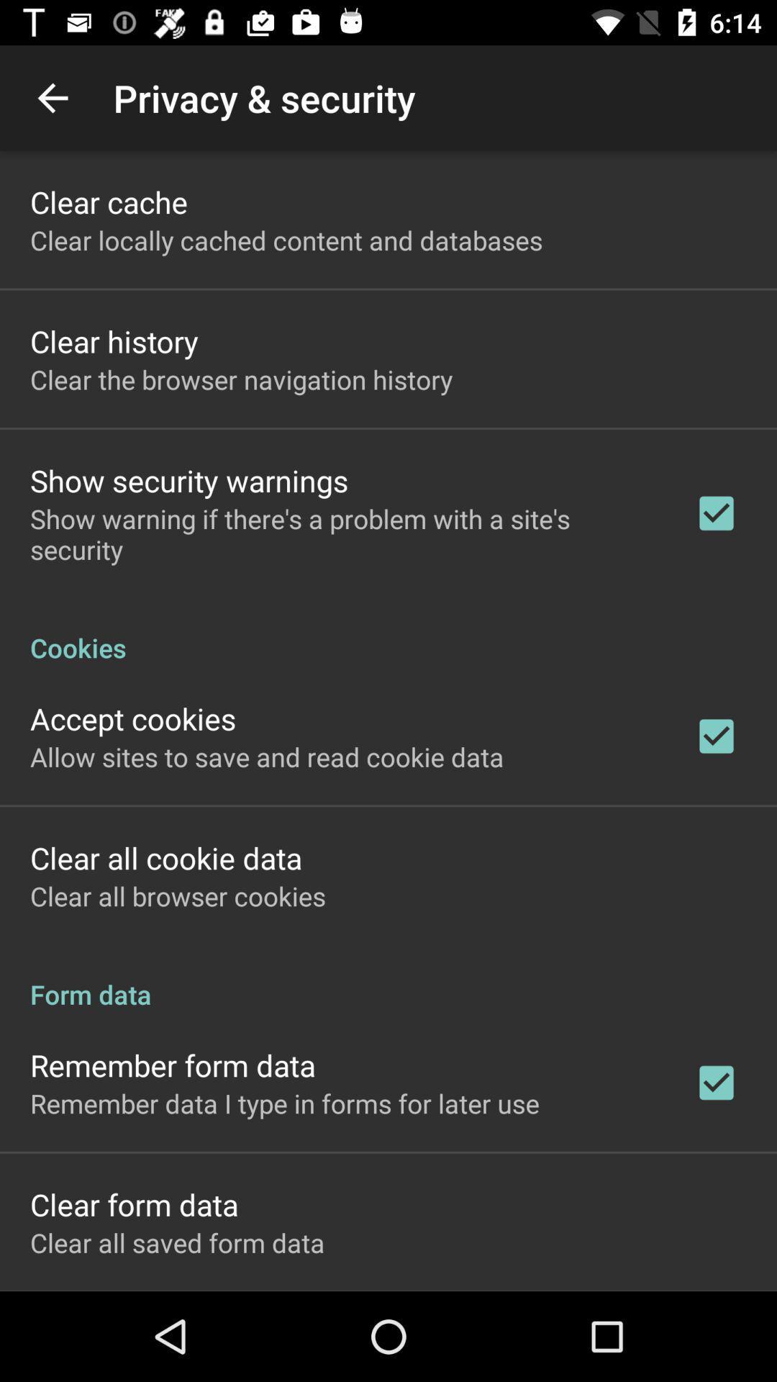 Image resolution: width=777 pixels, height=1382 pixels. Describe the element at coordinates (343, 533) in the screenshot. I see `the app above cookies icon` at that location.